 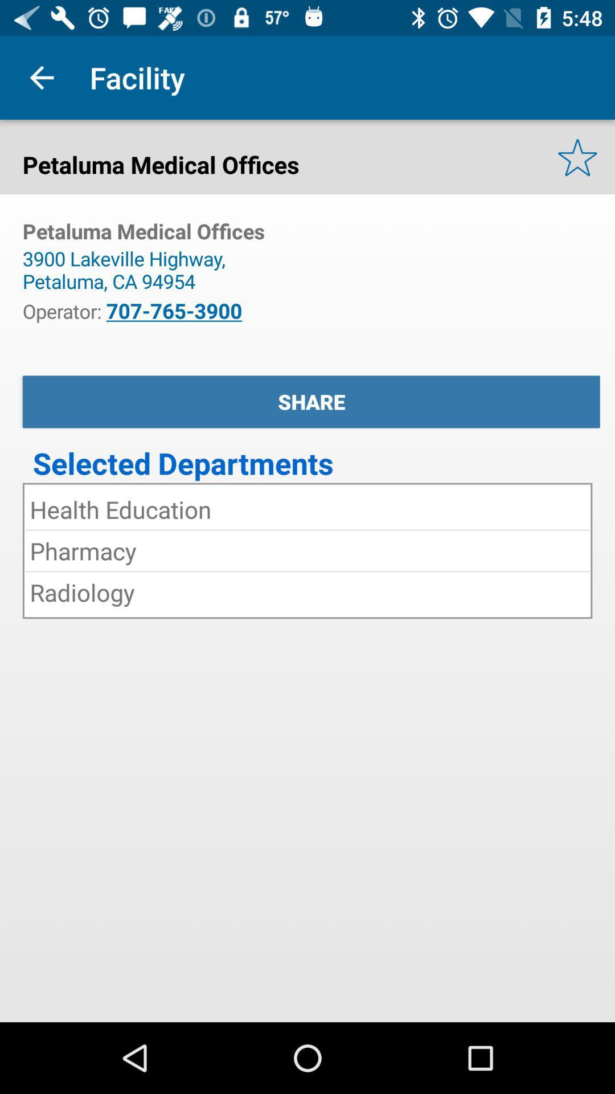 What do you see at coordinates (174, 311) in the screenshot?
I see `707-765-3900` at bounding box center [174, 311].